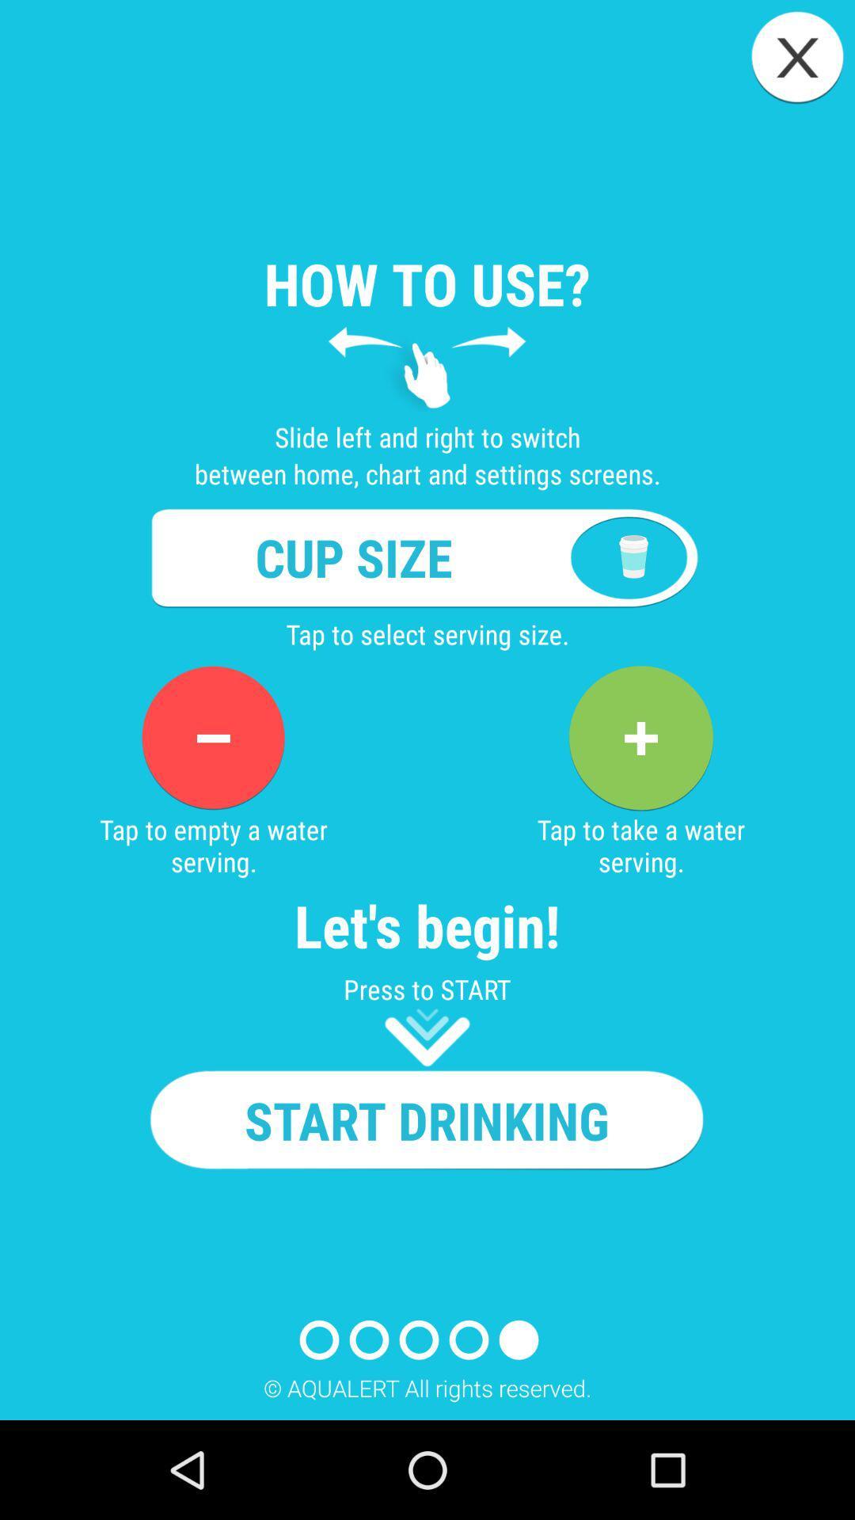 This screenshot has width=855, height=1520. I want to click on item at the top right corner, so click(797, 57).